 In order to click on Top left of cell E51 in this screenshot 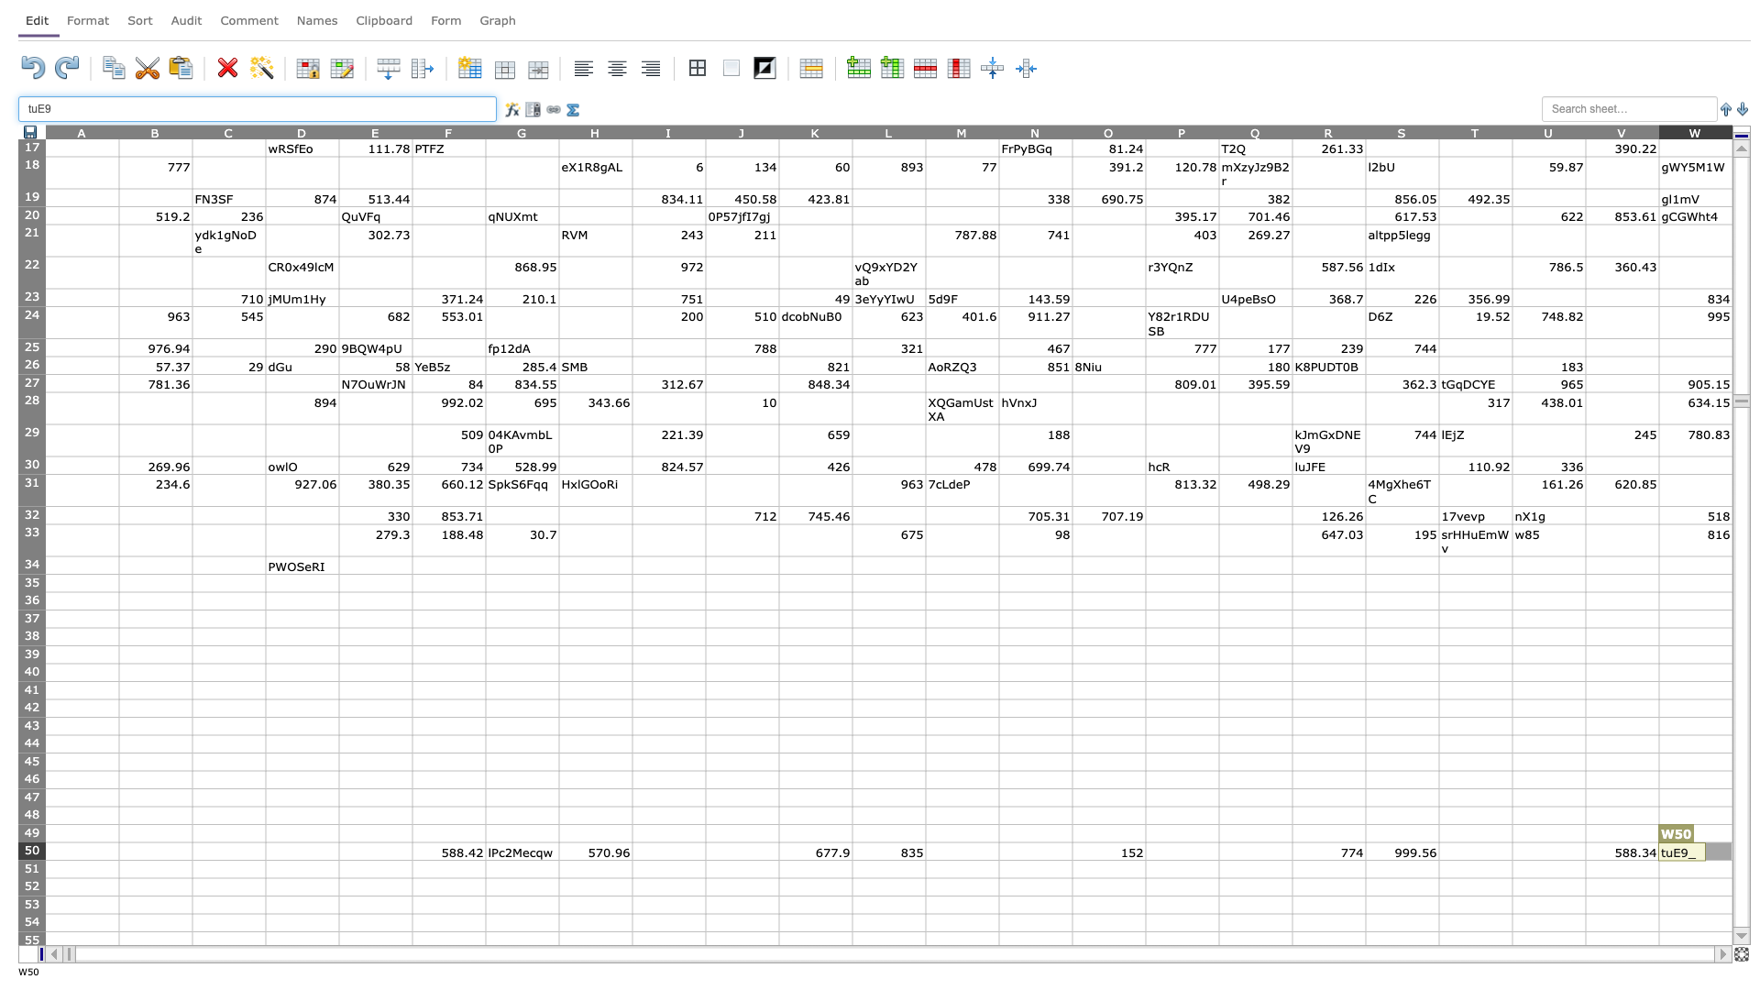, I will do `click(338, 860)`.